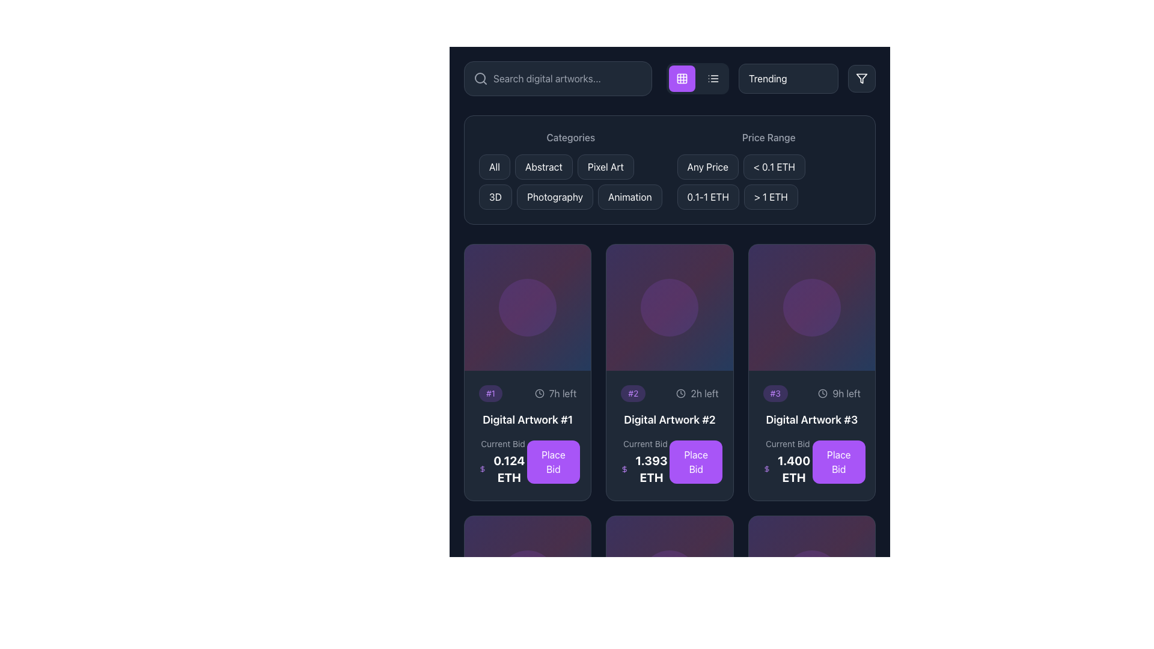  I want to click on the Text label that serves as a descriptive label for the category selection section, positioned above the category buttons like 'All' and 'Abstract', so click(570, 136).